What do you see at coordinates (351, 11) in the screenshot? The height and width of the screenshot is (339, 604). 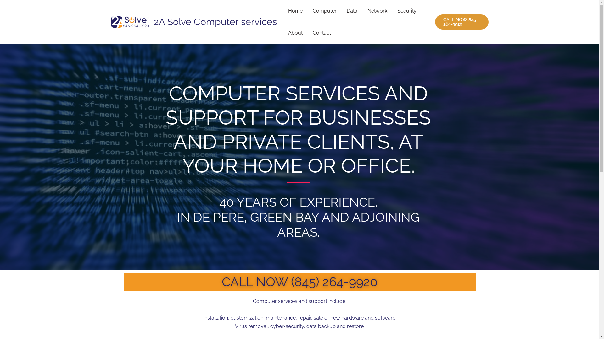 I see `'Data'` at bounding box center [351, 11].